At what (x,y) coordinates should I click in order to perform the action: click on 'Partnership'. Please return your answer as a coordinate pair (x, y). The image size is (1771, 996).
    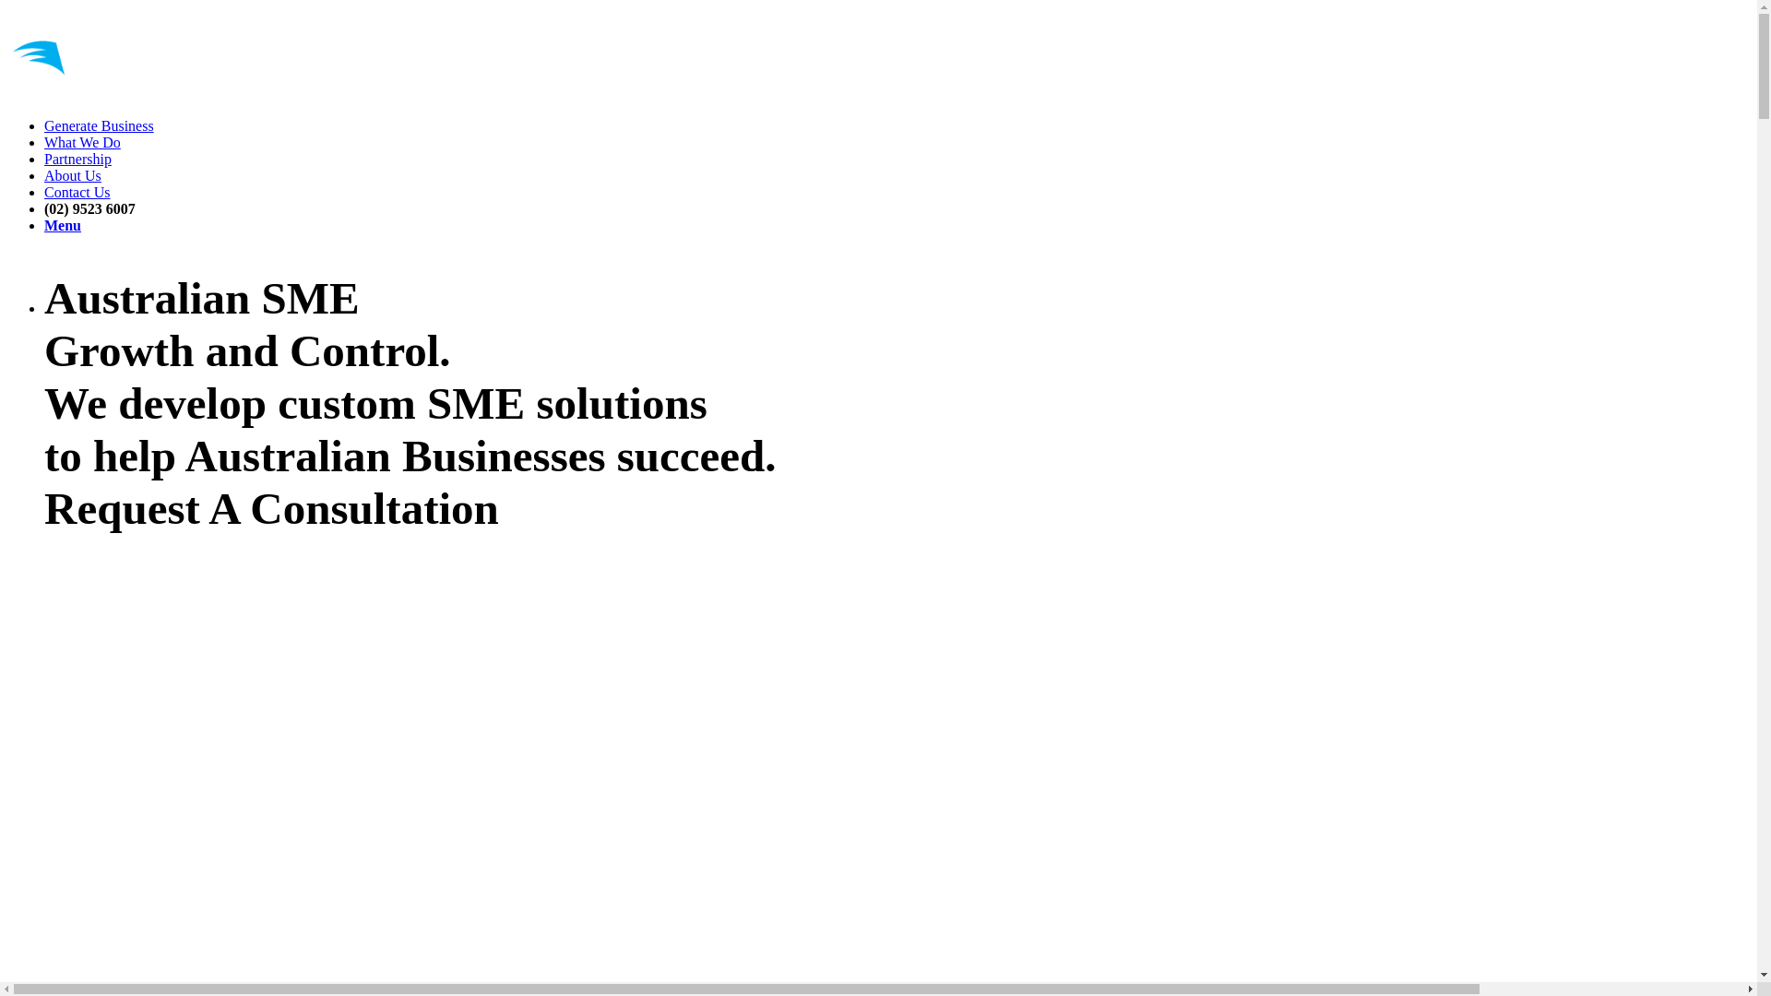
    Looking at the image, I should click on (77, 158).